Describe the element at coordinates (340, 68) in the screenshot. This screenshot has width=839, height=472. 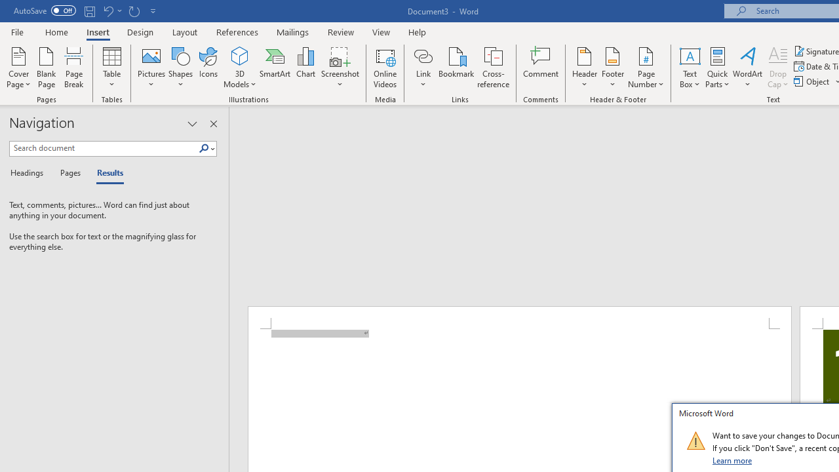
I see `'Screenshot'` at that location.